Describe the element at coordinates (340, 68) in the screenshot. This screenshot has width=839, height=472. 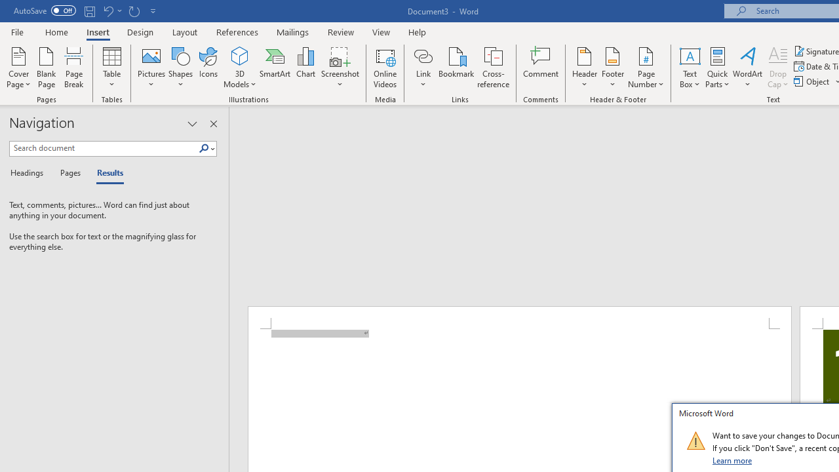
I see `'Screenshot'` at that location.